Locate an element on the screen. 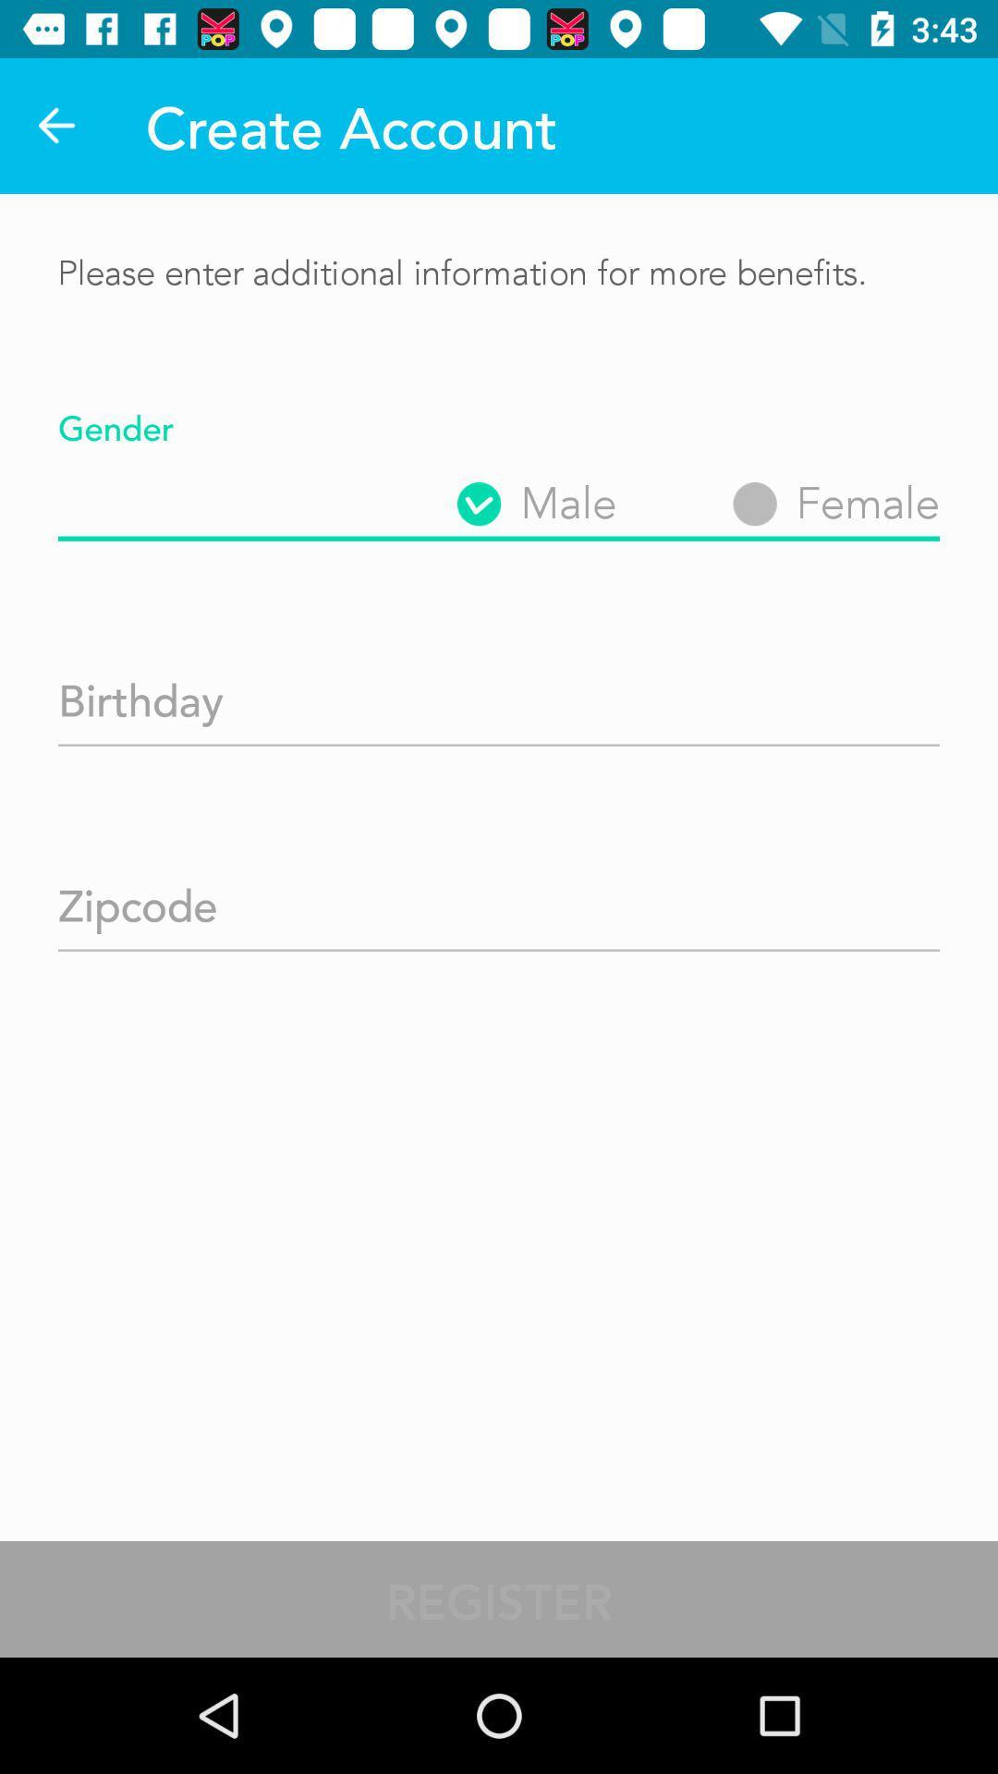 The width and height of the screenshot is (998, 1774). birthday text box is located at coordinates (499, 693).